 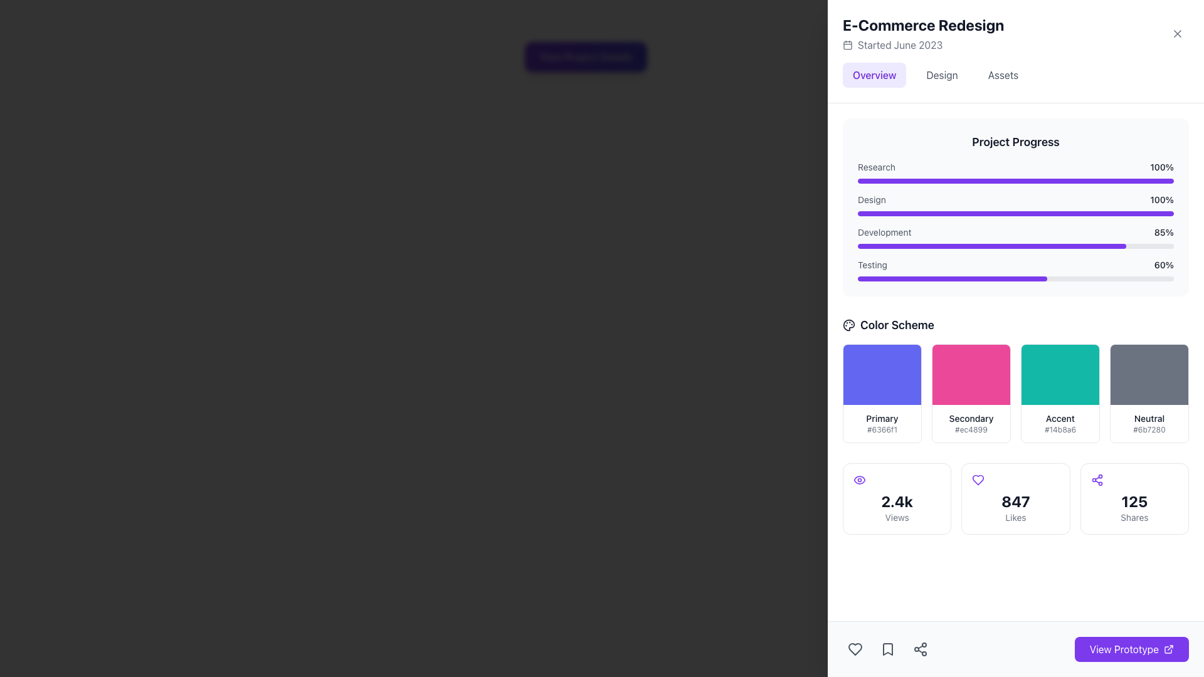 What do you see at coordinates (1134, 517) in the screenshot?
I see `the Text label that describes the number of shares, which is located in the bottom right corner of the interface below the larger text '125'` at bounding box center [1134, 517].